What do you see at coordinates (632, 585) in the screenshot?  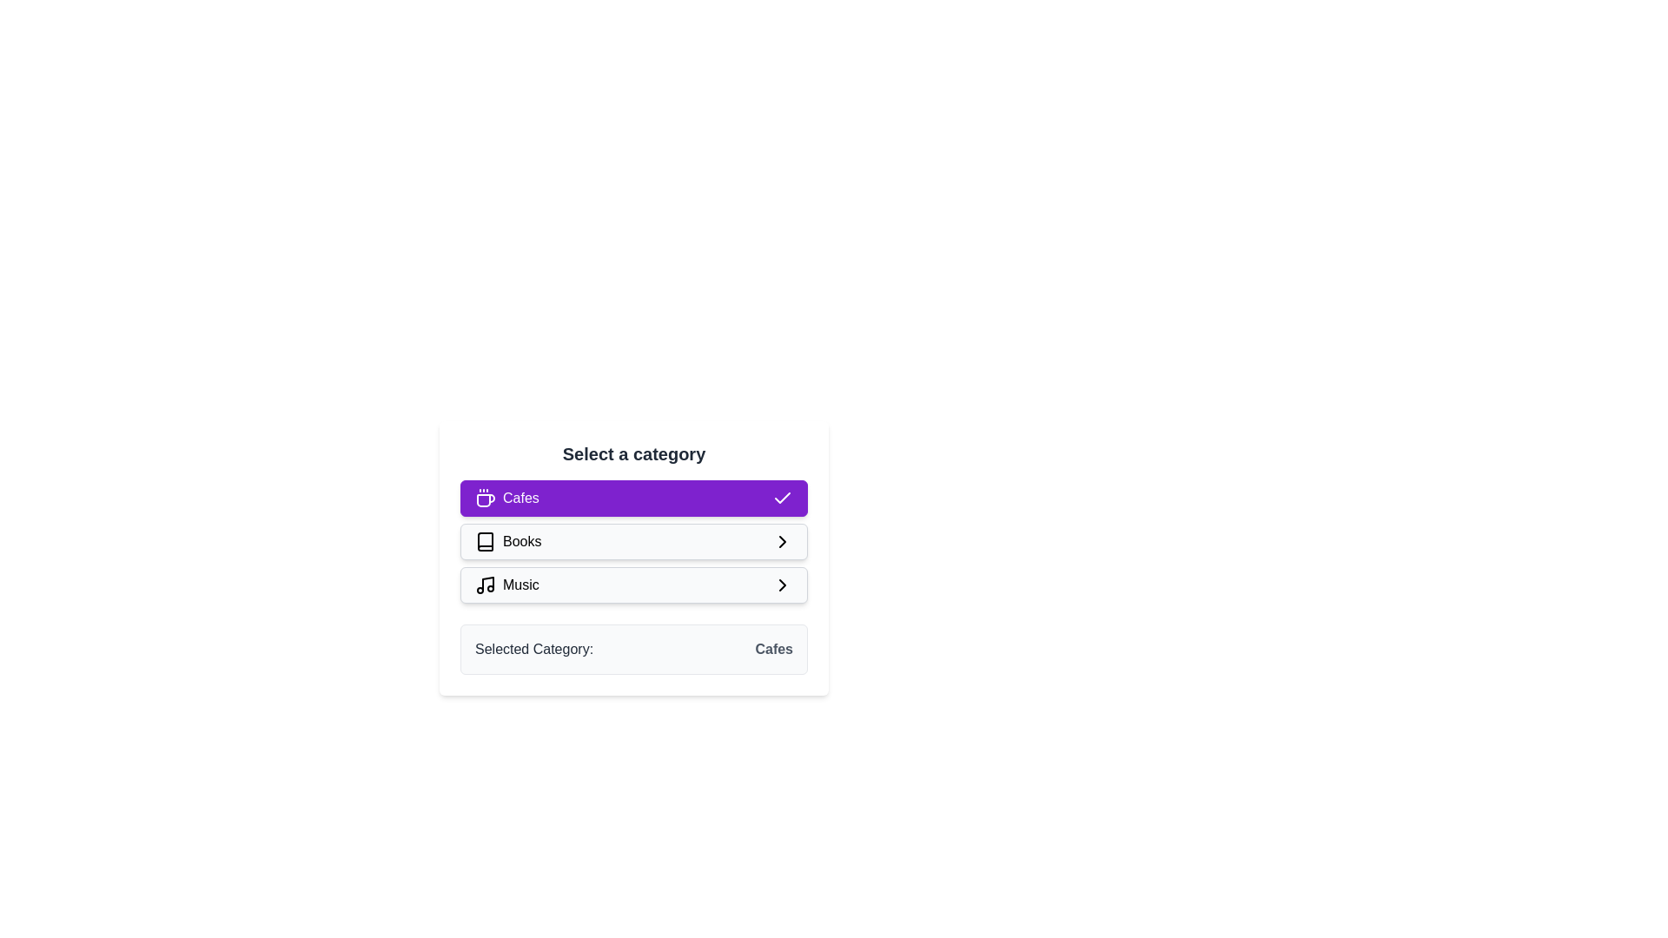 I see `the 'Music' category button, which is the third button in a vertical stack below 'Cafes' and 'Books'` at bounding box center [632, 585].